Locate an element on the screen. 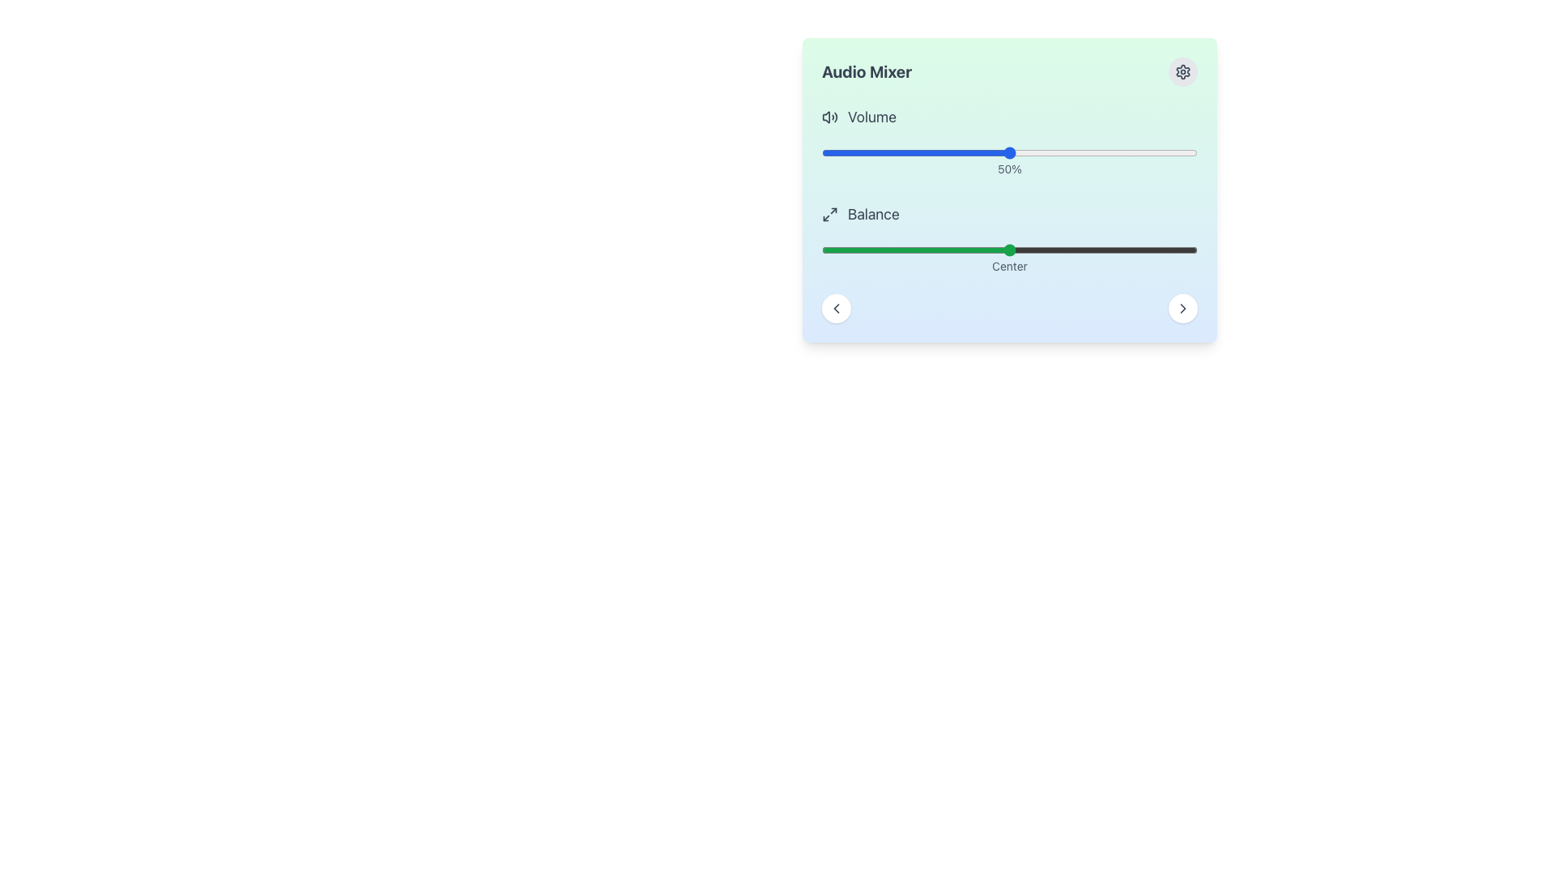 The width and height of the screenshot is (1555, 875). the volume is located at coordinates (1077, 153).